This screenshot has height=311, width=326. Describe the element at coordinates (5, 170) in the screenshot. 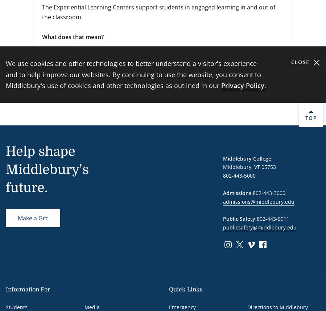

I see `'Help shape Middlebury's future.'` at that location.